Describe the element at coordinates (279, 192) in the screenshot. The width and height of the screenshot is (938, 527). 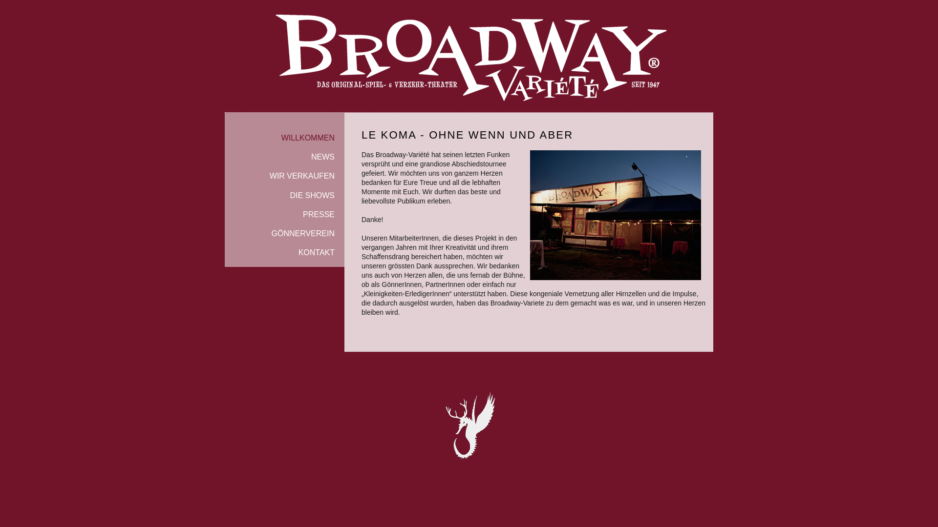
I see `'DIE SHOWS'` at that location.